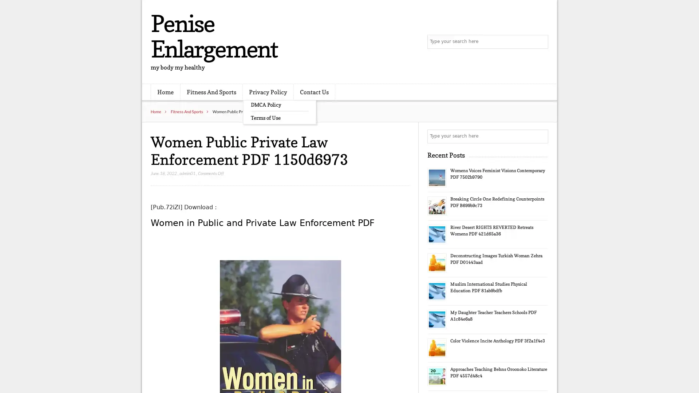 The height and width of the screenshot is (393, 699). What do you see at coordinates (541, 136) in the screenshot?
I see `Search` at bounding box center [541, 136].